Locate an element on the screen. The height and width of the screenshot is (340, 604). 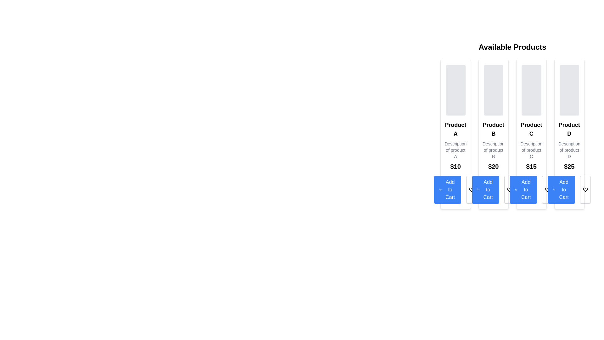
the text label that serves as the title for 'Product C' in the third product card from the left is located at coordinates (531, 129).